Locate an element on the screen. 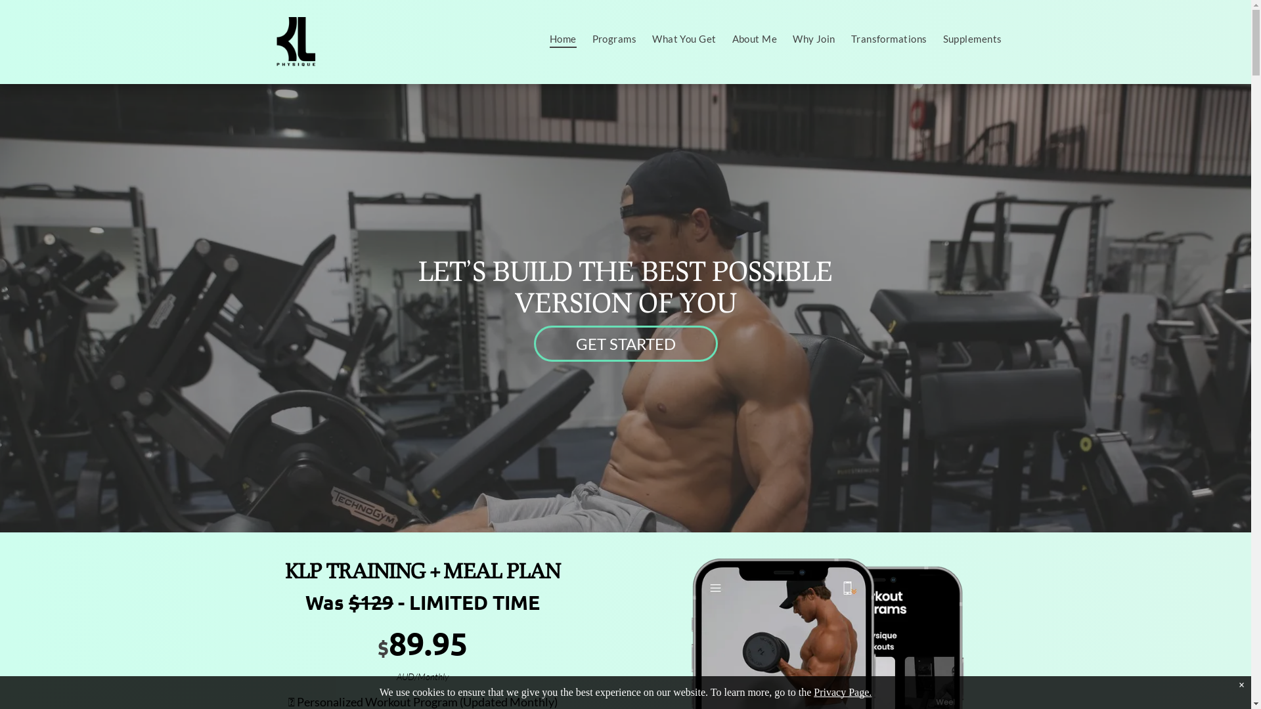 The height and width of the screenshot is (709, 1261). 'Programs' is located at coordinates (614, 37).